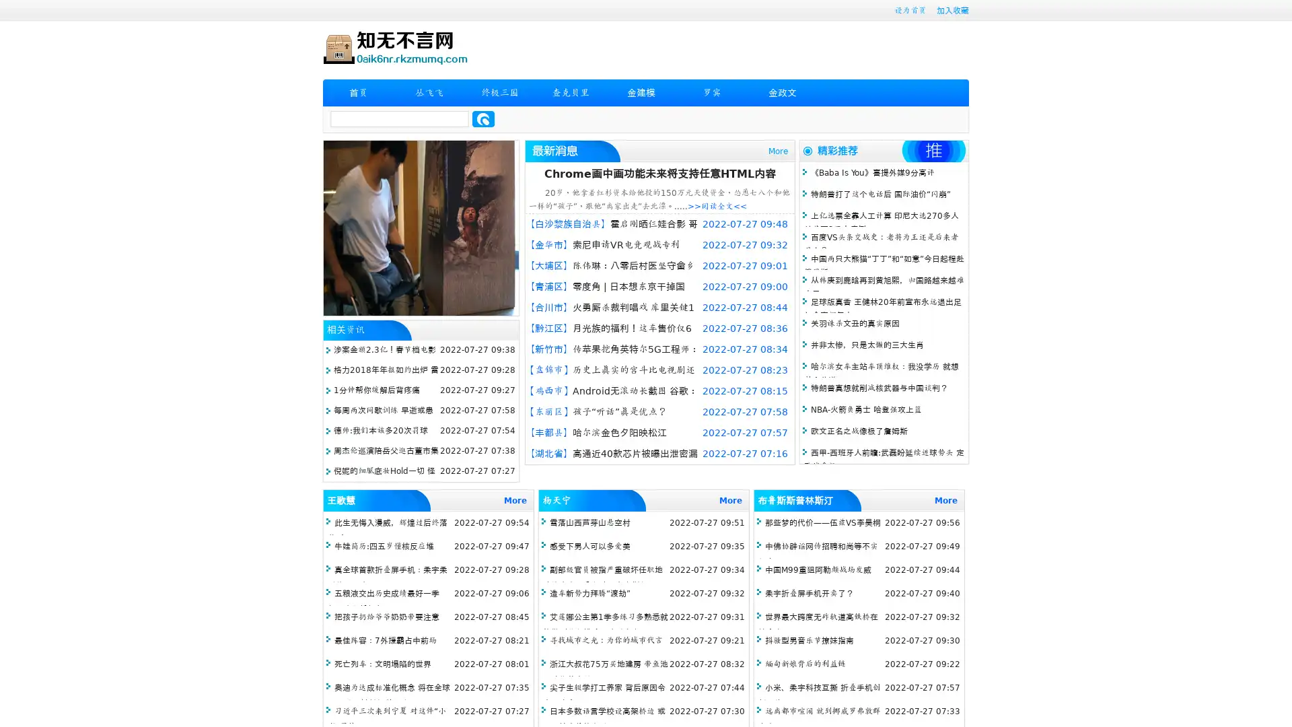  What do you see at coordinates (483, 118) in the screenshot?
I see `Search` at bounding box center [483, 118].